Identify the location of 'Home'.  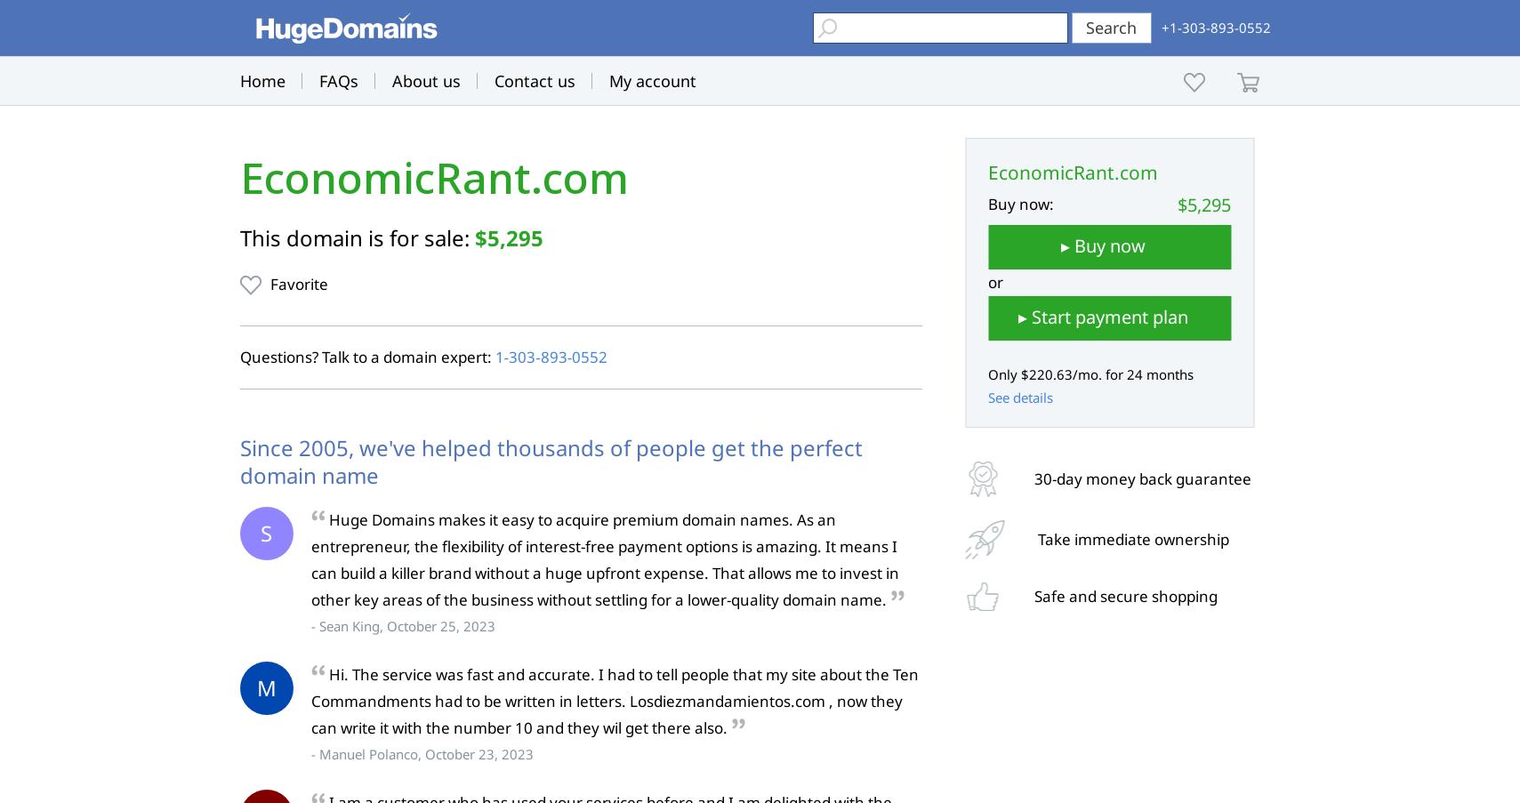
(261, 81).